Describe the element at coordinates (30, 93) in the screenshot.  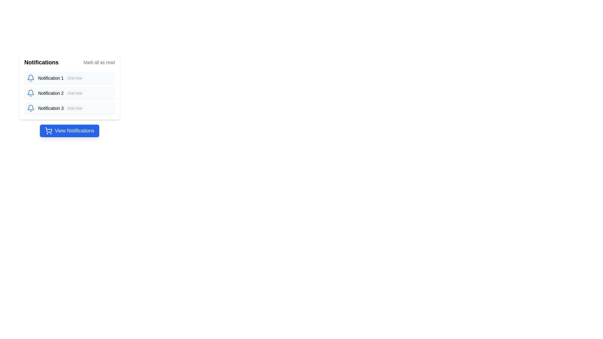
I see `the blue notification bell icon located to the far left of 'Notification 2'` at that location.